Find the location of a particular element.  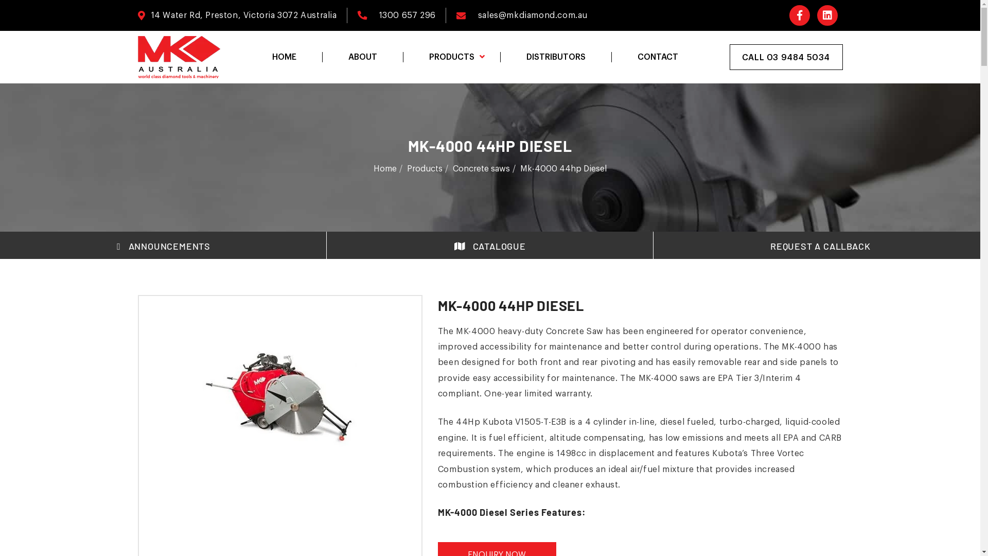

'PRODUCTS' is located at coordinates (451, 57).